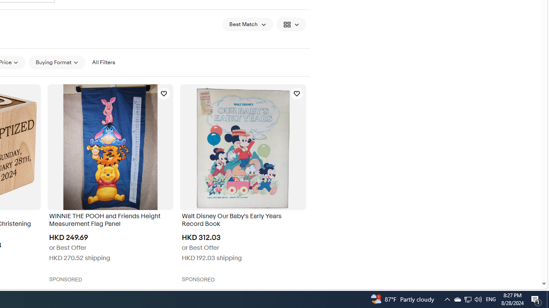 The image size is (549, 308). Describe the element at coordinates (56, 62) in the screenshot. I see `'Buying Format'` at that location.